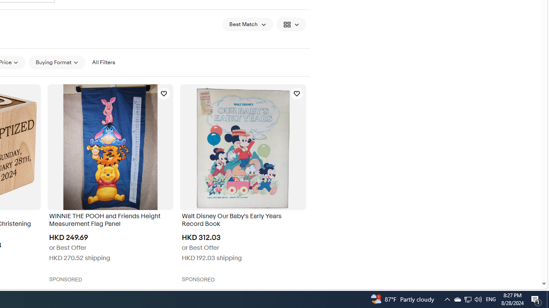 The image size is (549, 308). Describe the element at coordinates (56, 62) in the screenshot. I see `'Buying Format'` at that location.